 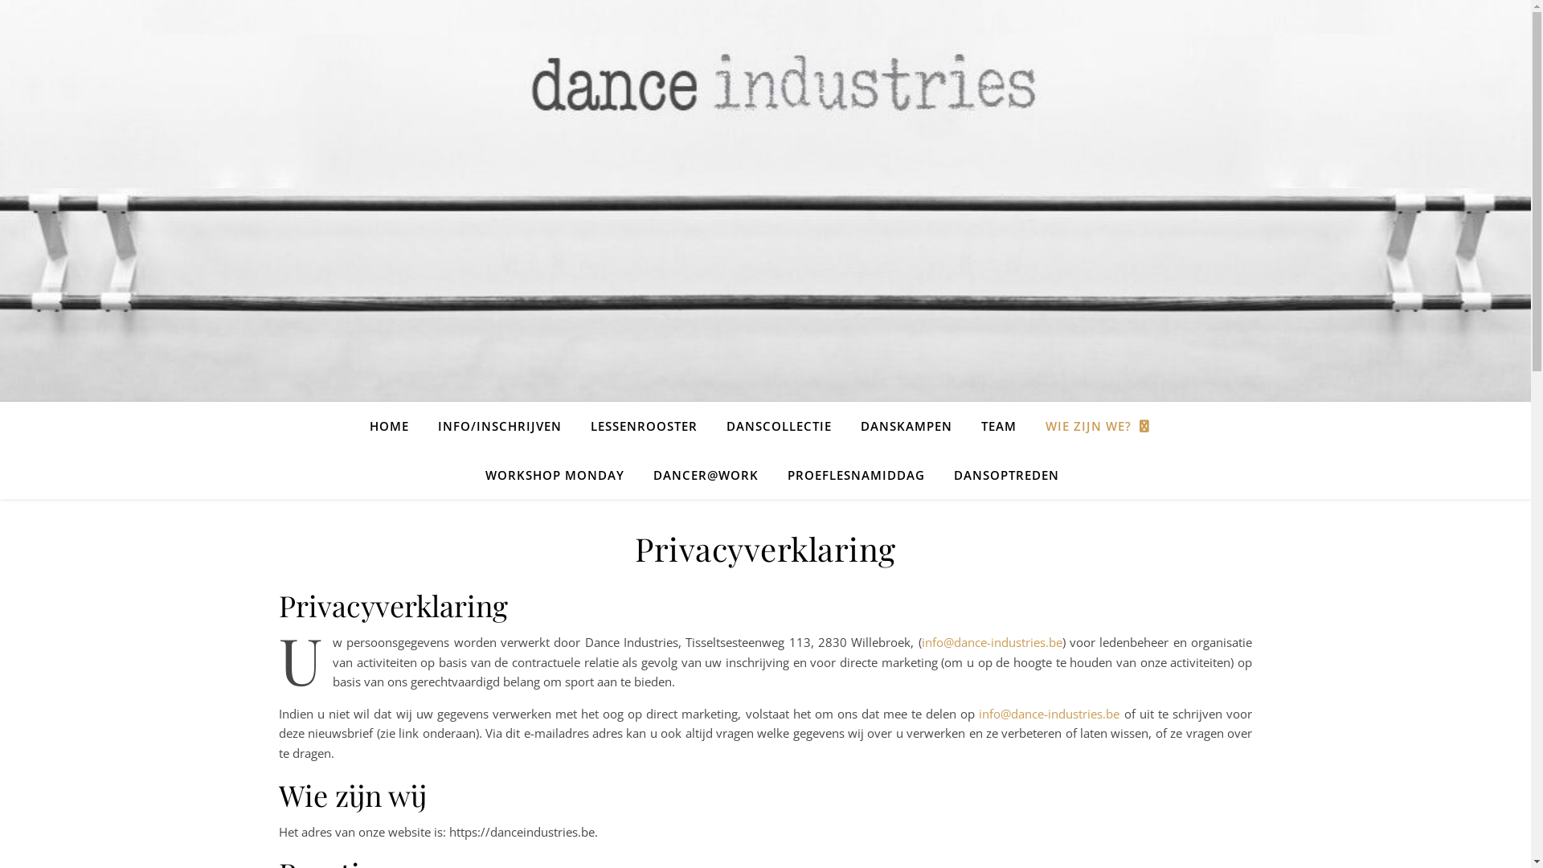 What do you see at coordinates (779, 424) in the screenshot?
I see `'DANSCOLLECTIE'` at bounding box center [779, 424].